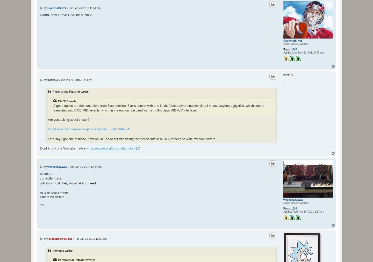  Describe the element at coordinates (132, 139) in the screenshot. I see `'Let's say I got one of those, how would I go about translating the mouse info to MIDI ? I'd need to write my own drivers.'` at that location.